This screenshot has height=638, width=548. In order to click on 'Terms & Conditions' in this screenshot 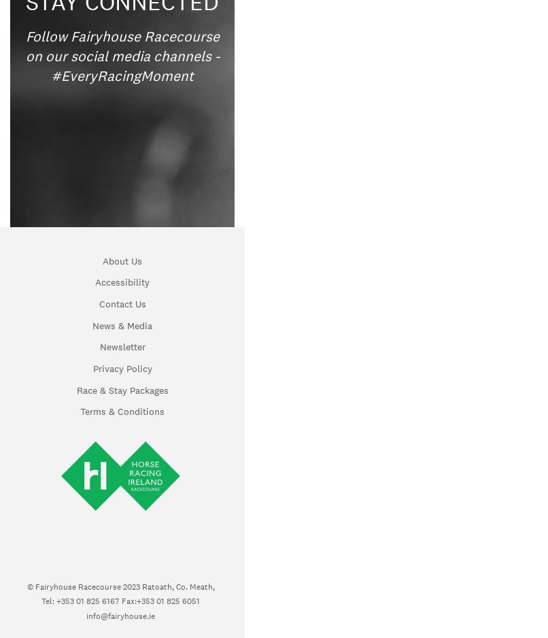, I will do `click(122, 412)`.